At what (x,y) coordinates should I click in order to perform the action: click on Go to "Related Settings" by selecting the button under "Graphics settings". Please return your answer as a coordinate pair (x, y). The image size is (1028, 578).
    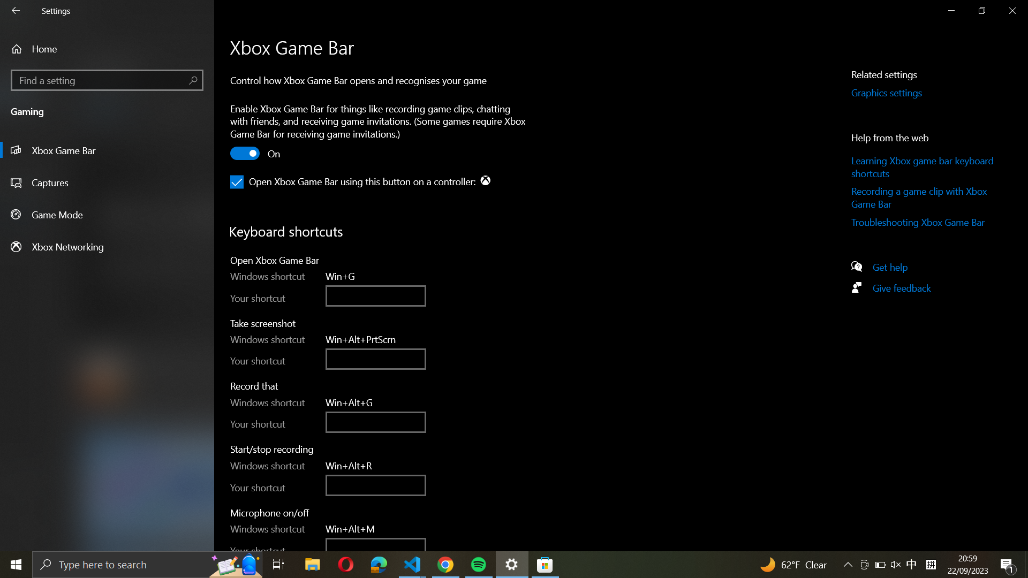
    Looking at the image, I should click on (899, 93).